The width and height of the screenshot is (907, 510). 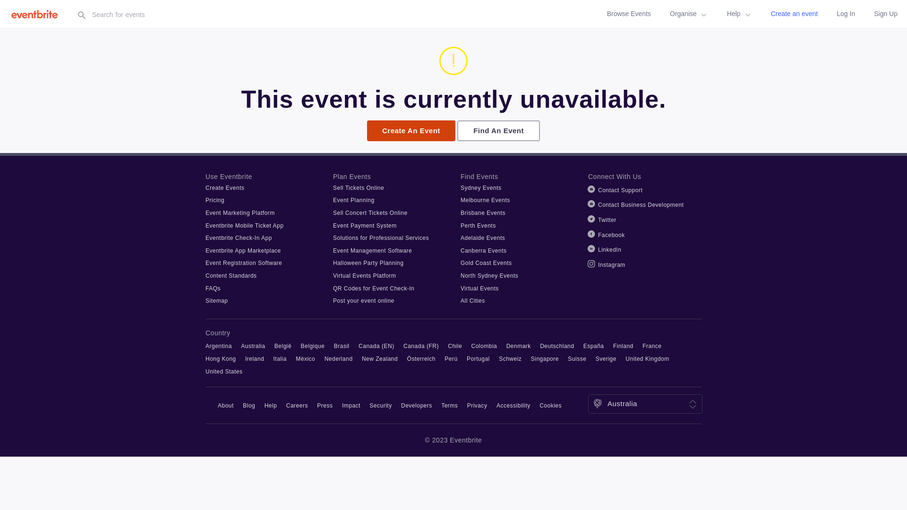 I want to click on 'Contact Support', so click(x=598, y=190).